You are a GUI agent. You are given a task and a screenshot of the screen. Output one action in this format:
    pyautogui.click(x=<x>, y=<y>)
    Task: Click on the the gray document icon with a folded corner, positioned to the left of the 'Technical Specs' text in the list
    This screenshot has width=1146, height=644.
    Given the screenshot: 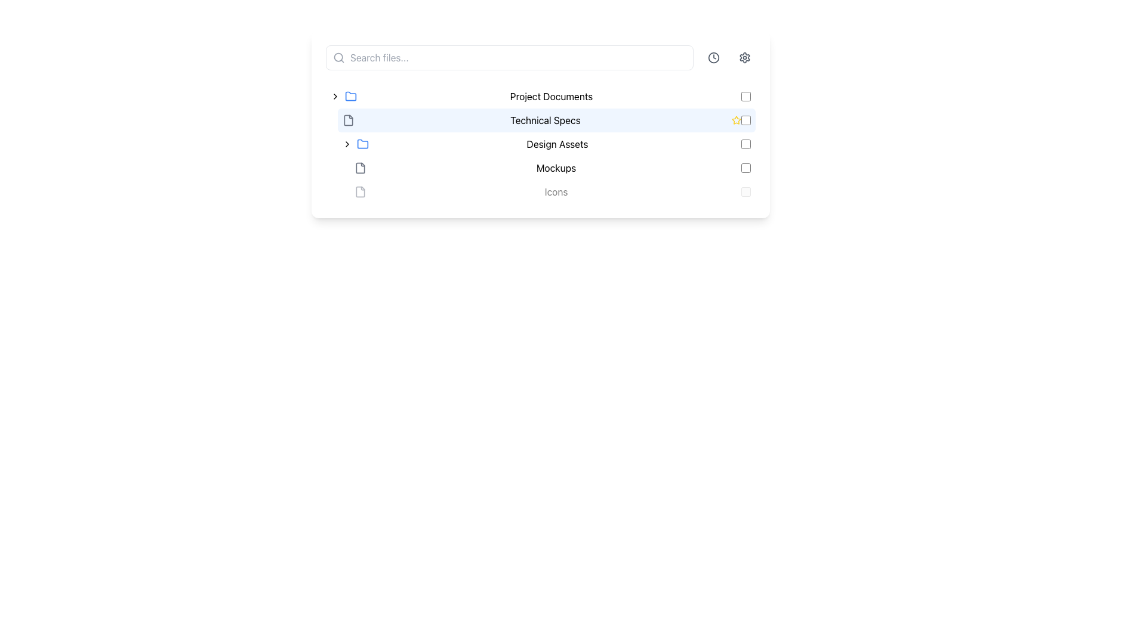 What is the action you would take?
    pyautogui.click(x=348, y=120)
    